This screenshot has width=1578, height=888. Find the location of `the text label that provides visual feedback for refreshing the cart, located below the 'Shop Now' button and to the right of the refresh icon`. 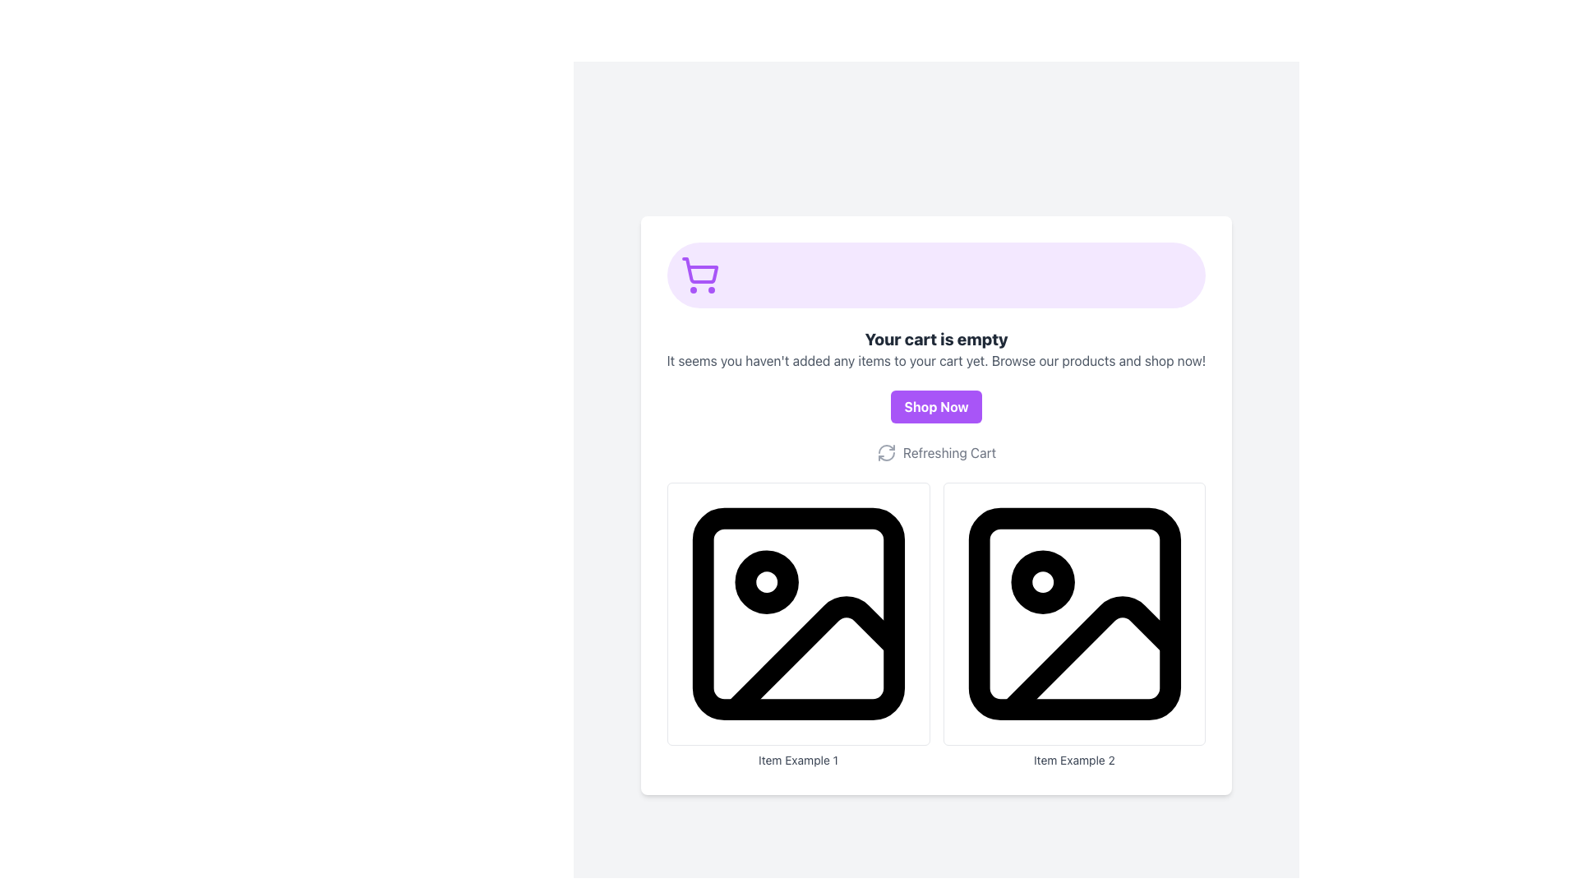

the text label that provides visual feedback for refreshing the cart, located below the 'Shop Now' button and to the right of the refresh icon is located at coordinates (949, 453).